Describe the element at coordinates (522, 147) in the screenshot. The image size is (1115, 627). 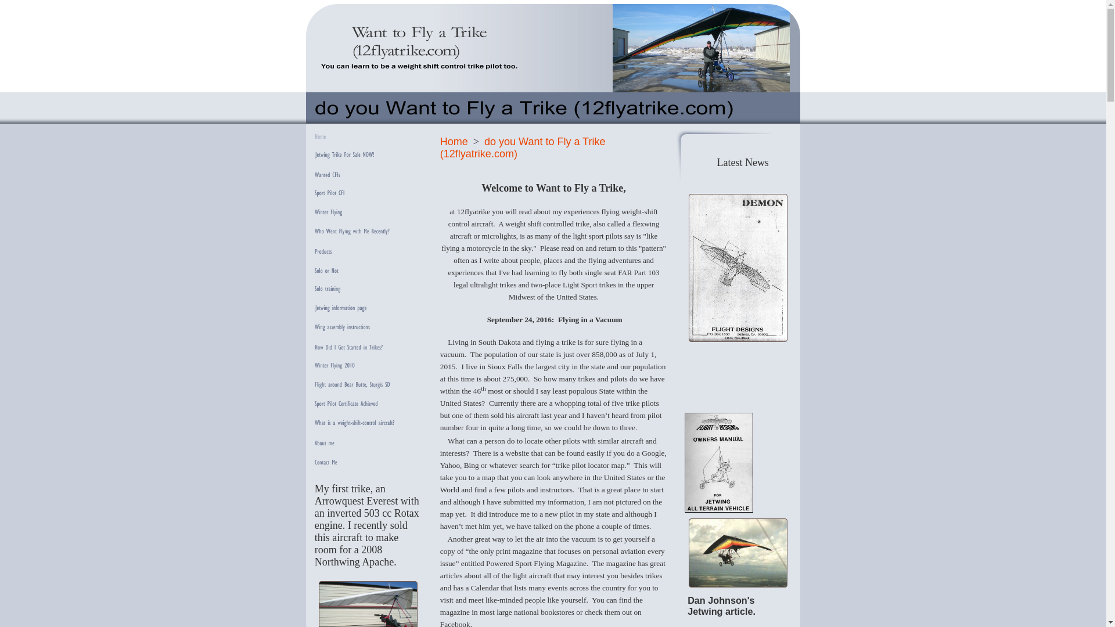
I see `'do you Want to Fly a Trike (12flyatrike.com)'` at that location.